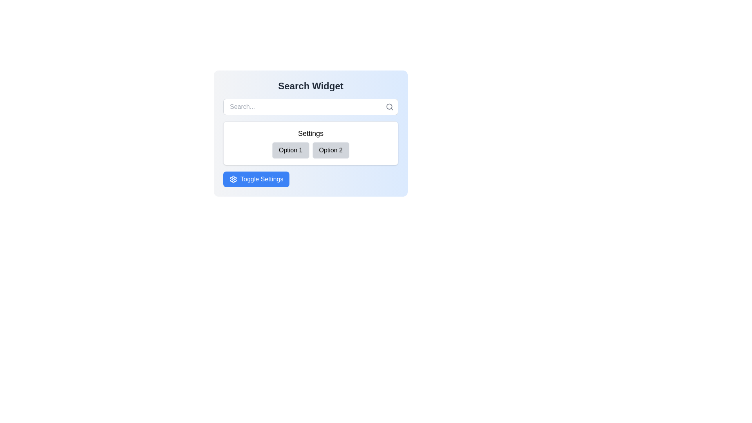  Describe the element at coordinates (389, 107) in the screenshot. I see `the circular part of the magnifying glass icon at the end of the search bar to initiate the search action` at that location.